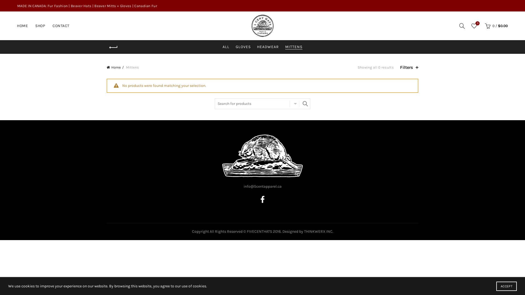  I want to click on 'SEARCH', so click(304, 104).